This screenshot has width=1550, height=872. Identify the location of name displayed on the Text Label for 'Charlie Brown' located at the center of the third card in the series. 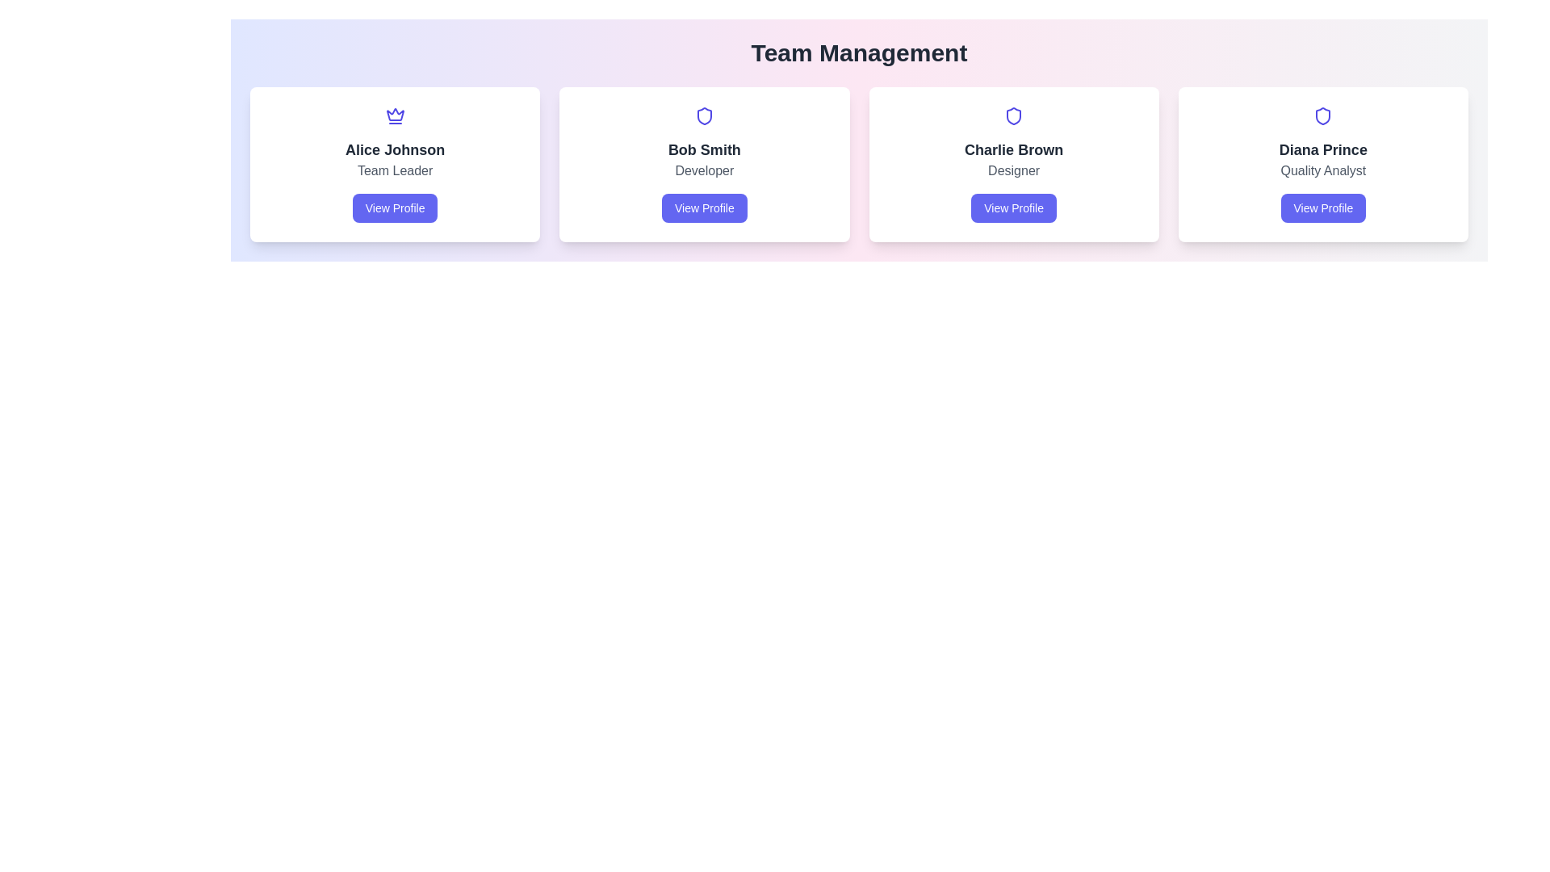
(1013, 149).